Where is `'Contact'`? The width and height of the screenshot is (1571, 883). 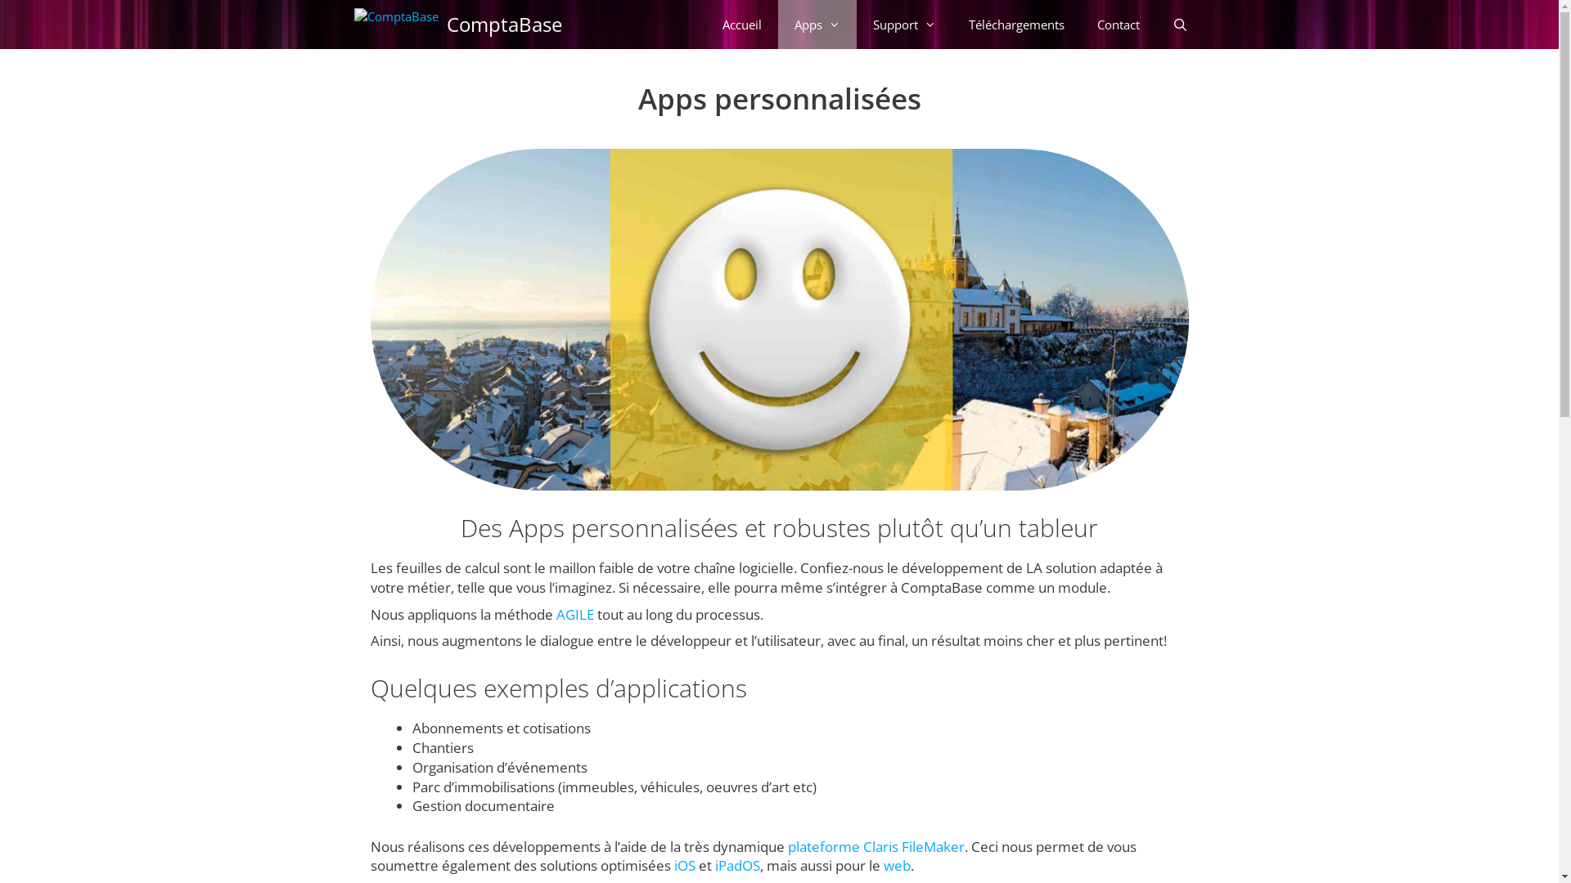 'Contact' is located at coordinates (1118, 25).